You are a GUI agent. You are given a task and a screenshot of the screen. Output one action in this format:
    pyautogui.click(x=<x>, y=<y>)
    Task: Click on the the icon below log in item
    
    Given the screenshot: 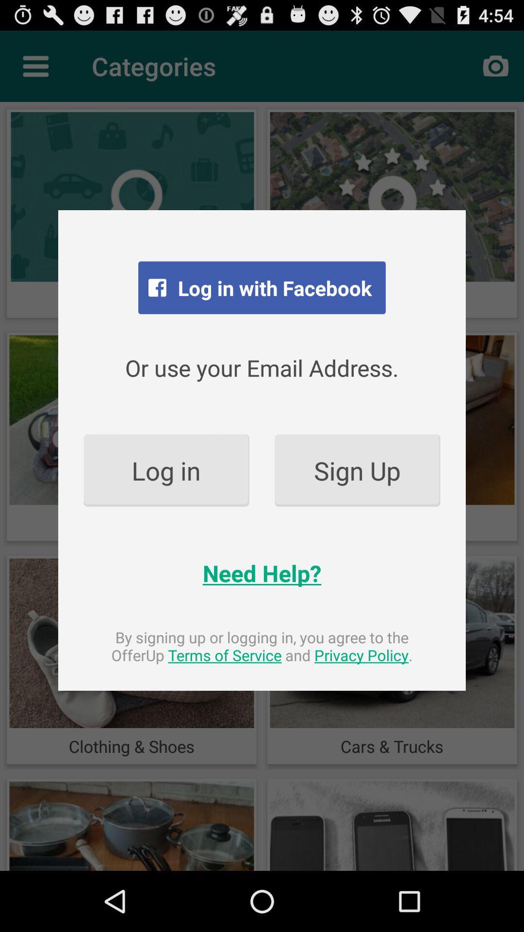 What is the action you would take?
    pyautogui.click(x=262, y=573)
    